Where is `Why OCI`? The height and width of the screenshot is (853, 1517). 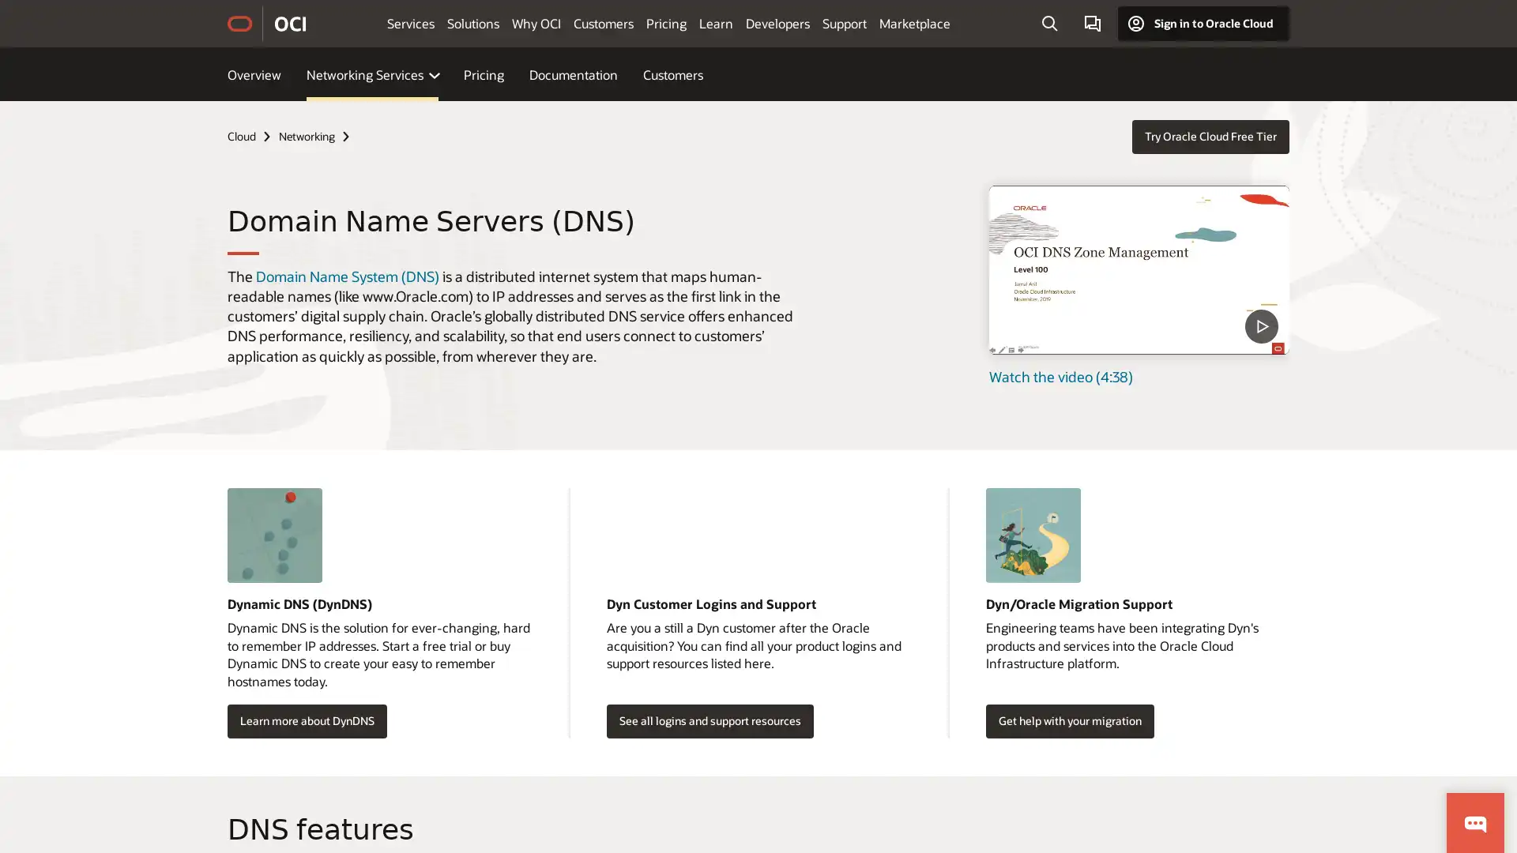 Why OCI is located at coordinates (536, 23).